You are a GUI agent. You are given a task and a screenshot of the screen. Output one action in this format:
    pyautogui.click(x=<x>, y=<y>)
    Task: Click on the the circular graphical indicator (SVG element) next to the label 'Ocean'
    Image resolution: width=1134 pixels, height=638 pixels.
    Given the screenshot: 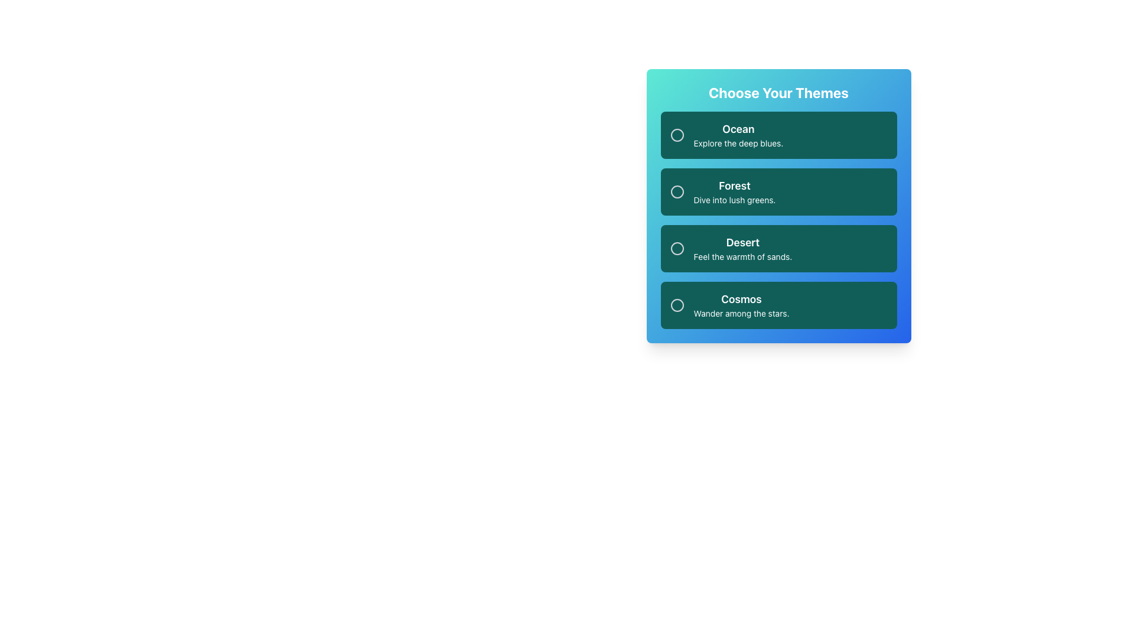 What is the action you would take?
    pyautogui.click(x=677, y=134)
    